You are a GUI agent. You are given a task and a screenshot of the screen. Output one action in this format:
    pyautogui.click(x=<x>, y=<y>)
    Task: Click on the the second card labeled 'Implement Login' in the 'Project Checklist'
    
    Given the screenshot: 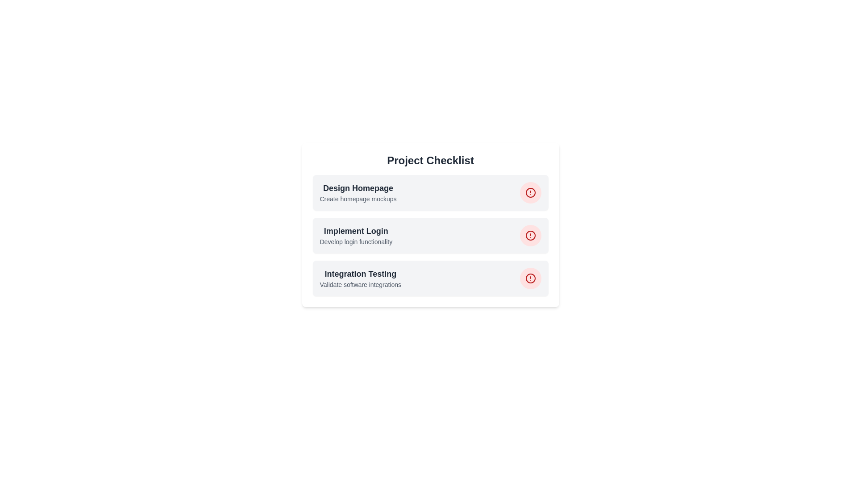 What is the action you would take?
    pyautogui.click(x=430, y=224)
    